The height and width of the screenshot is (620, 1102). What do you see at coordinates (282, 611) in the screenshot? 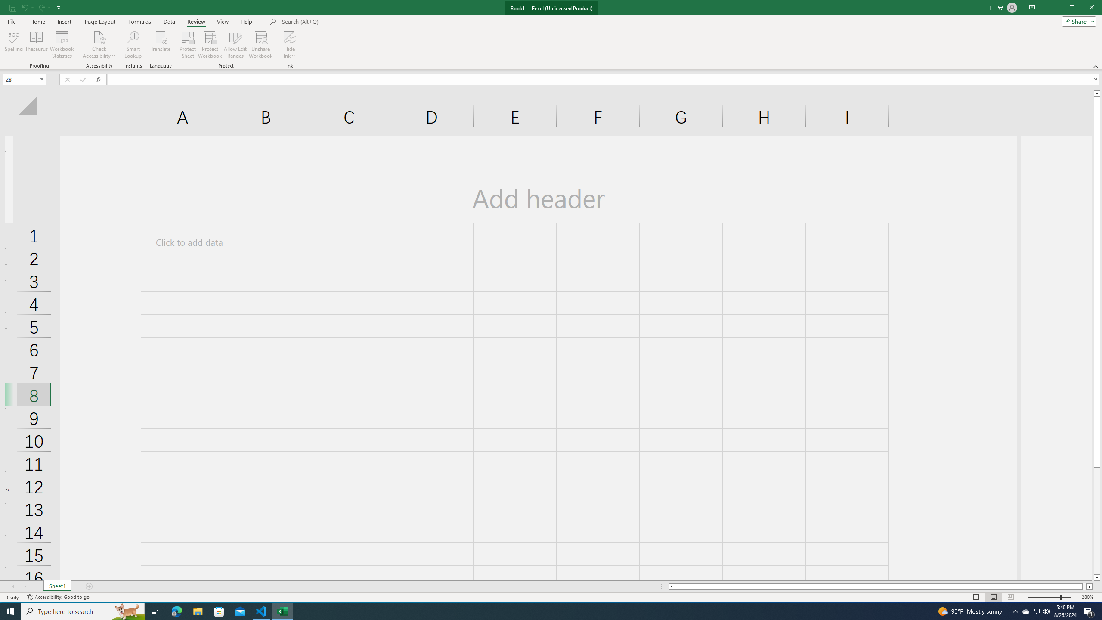
I see `'Excel - 1 running window'` at bounding box center [282, 611].